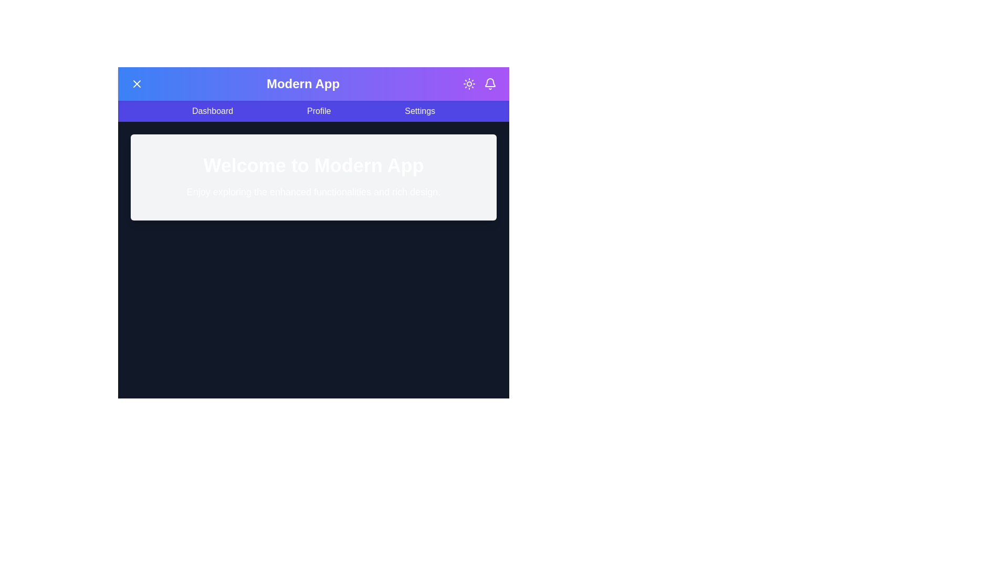 This screenshot has height=567, width=1008. I want to click on the menu button to toggle the menu display, so click(136, 83).